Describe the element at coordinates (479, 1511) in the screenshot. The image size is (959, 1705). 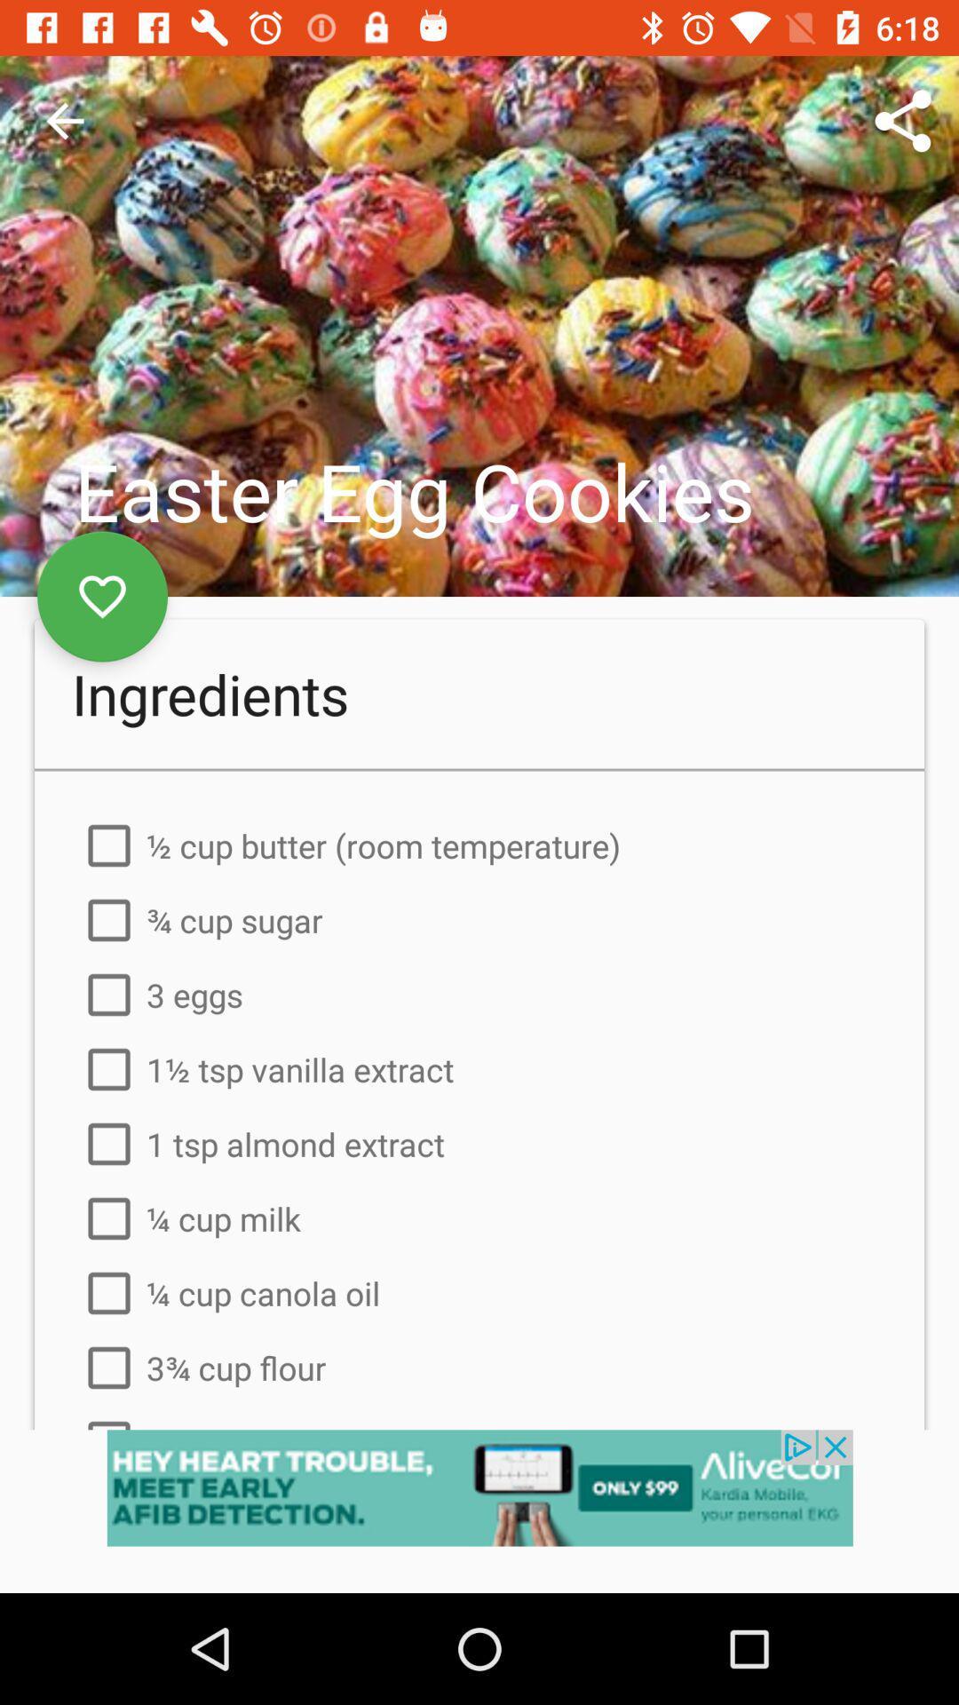
I see `advertisement` at that location.